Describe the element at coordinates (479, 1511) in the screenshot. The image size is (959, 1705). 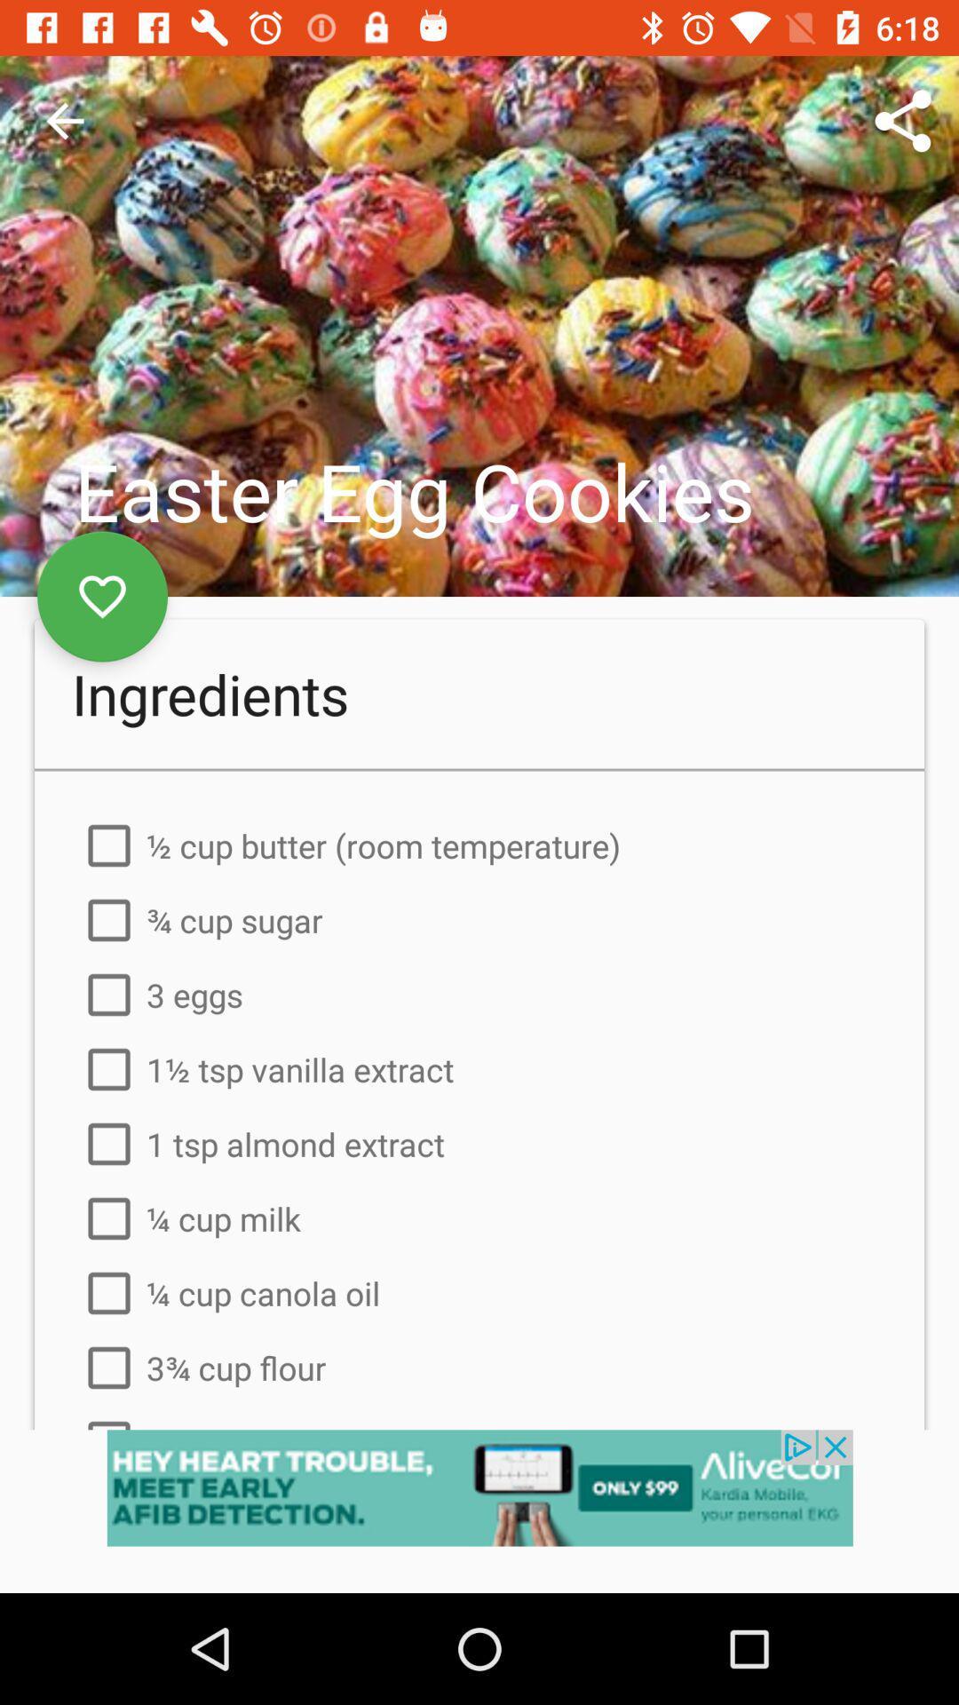
I see `advertisement` at that location.